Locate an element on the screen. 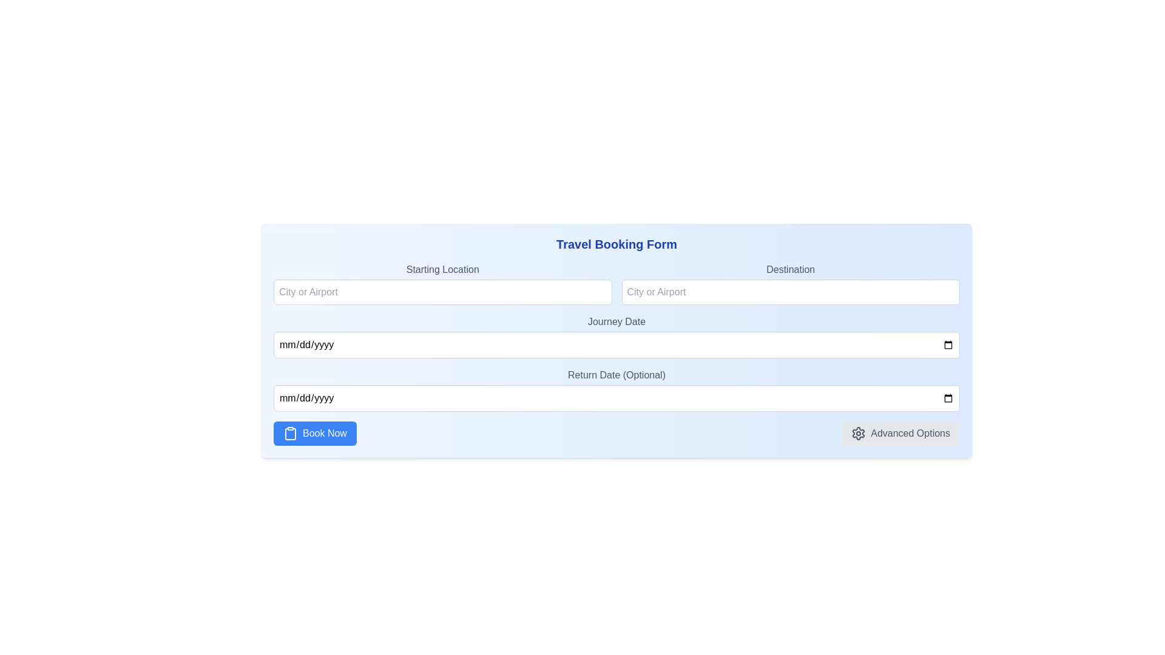 The height and width of the screenshot is (655, 1165). the 'Return Date (Optional)' input field to focus on it is located at coordinates (616, 390).